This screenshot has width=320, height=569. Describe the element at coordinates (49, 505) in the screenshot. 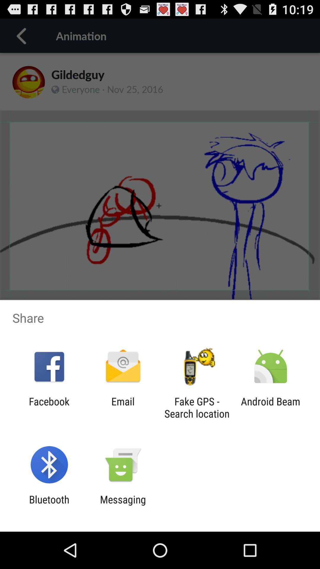

I see `item next to messaging icon` at that location.